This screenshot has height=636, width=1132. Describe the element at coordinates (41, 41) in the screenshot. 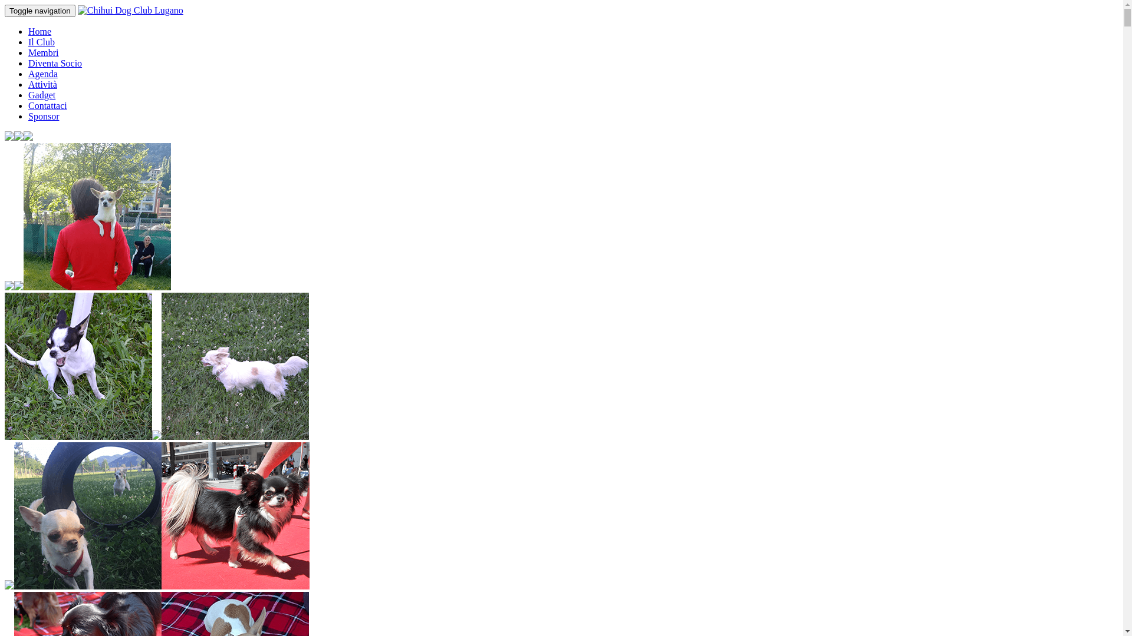

I see `'Il Club'` at that location.